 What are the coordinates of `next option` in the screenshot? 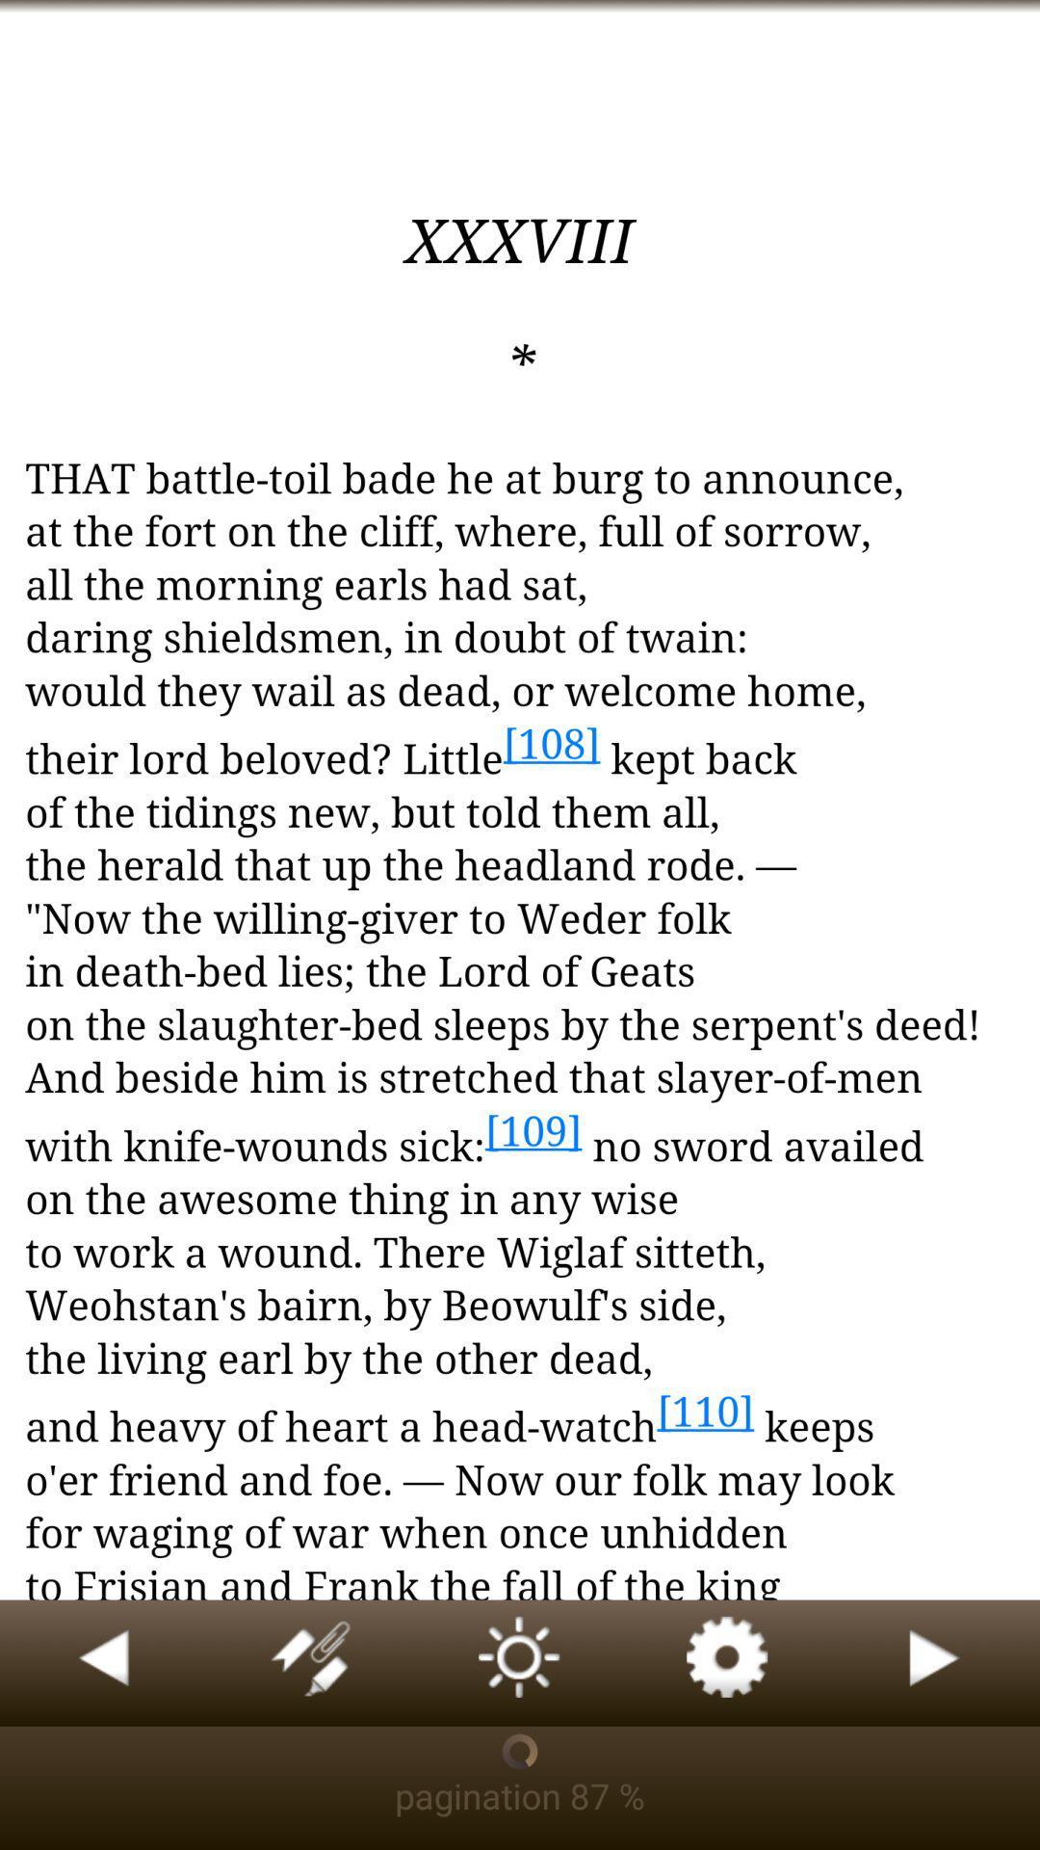 It's located at (935, 1662).